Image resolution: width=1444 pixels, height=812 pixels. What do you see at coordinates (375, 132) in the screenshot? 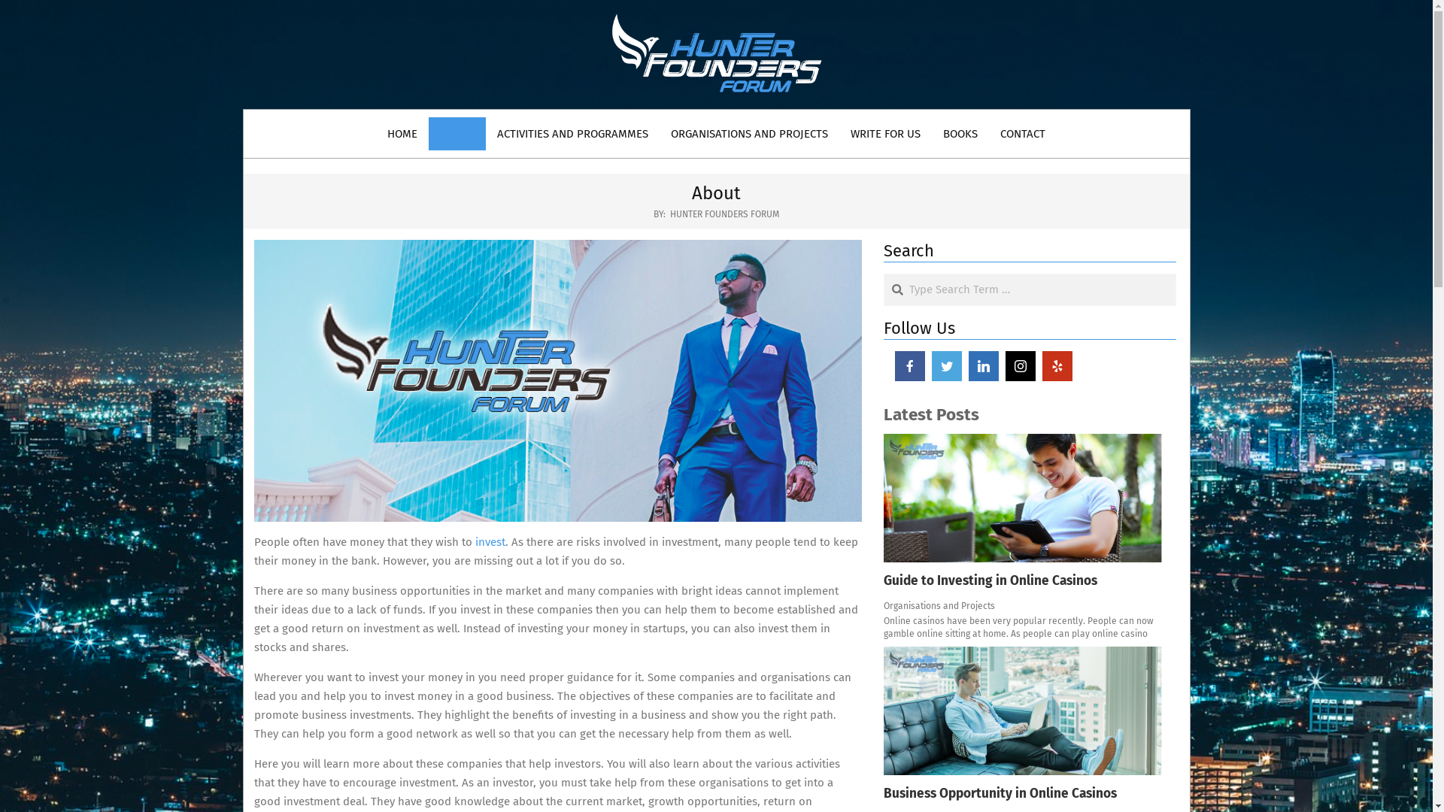
I see `'HOME'` at bounding box center [375, 132].